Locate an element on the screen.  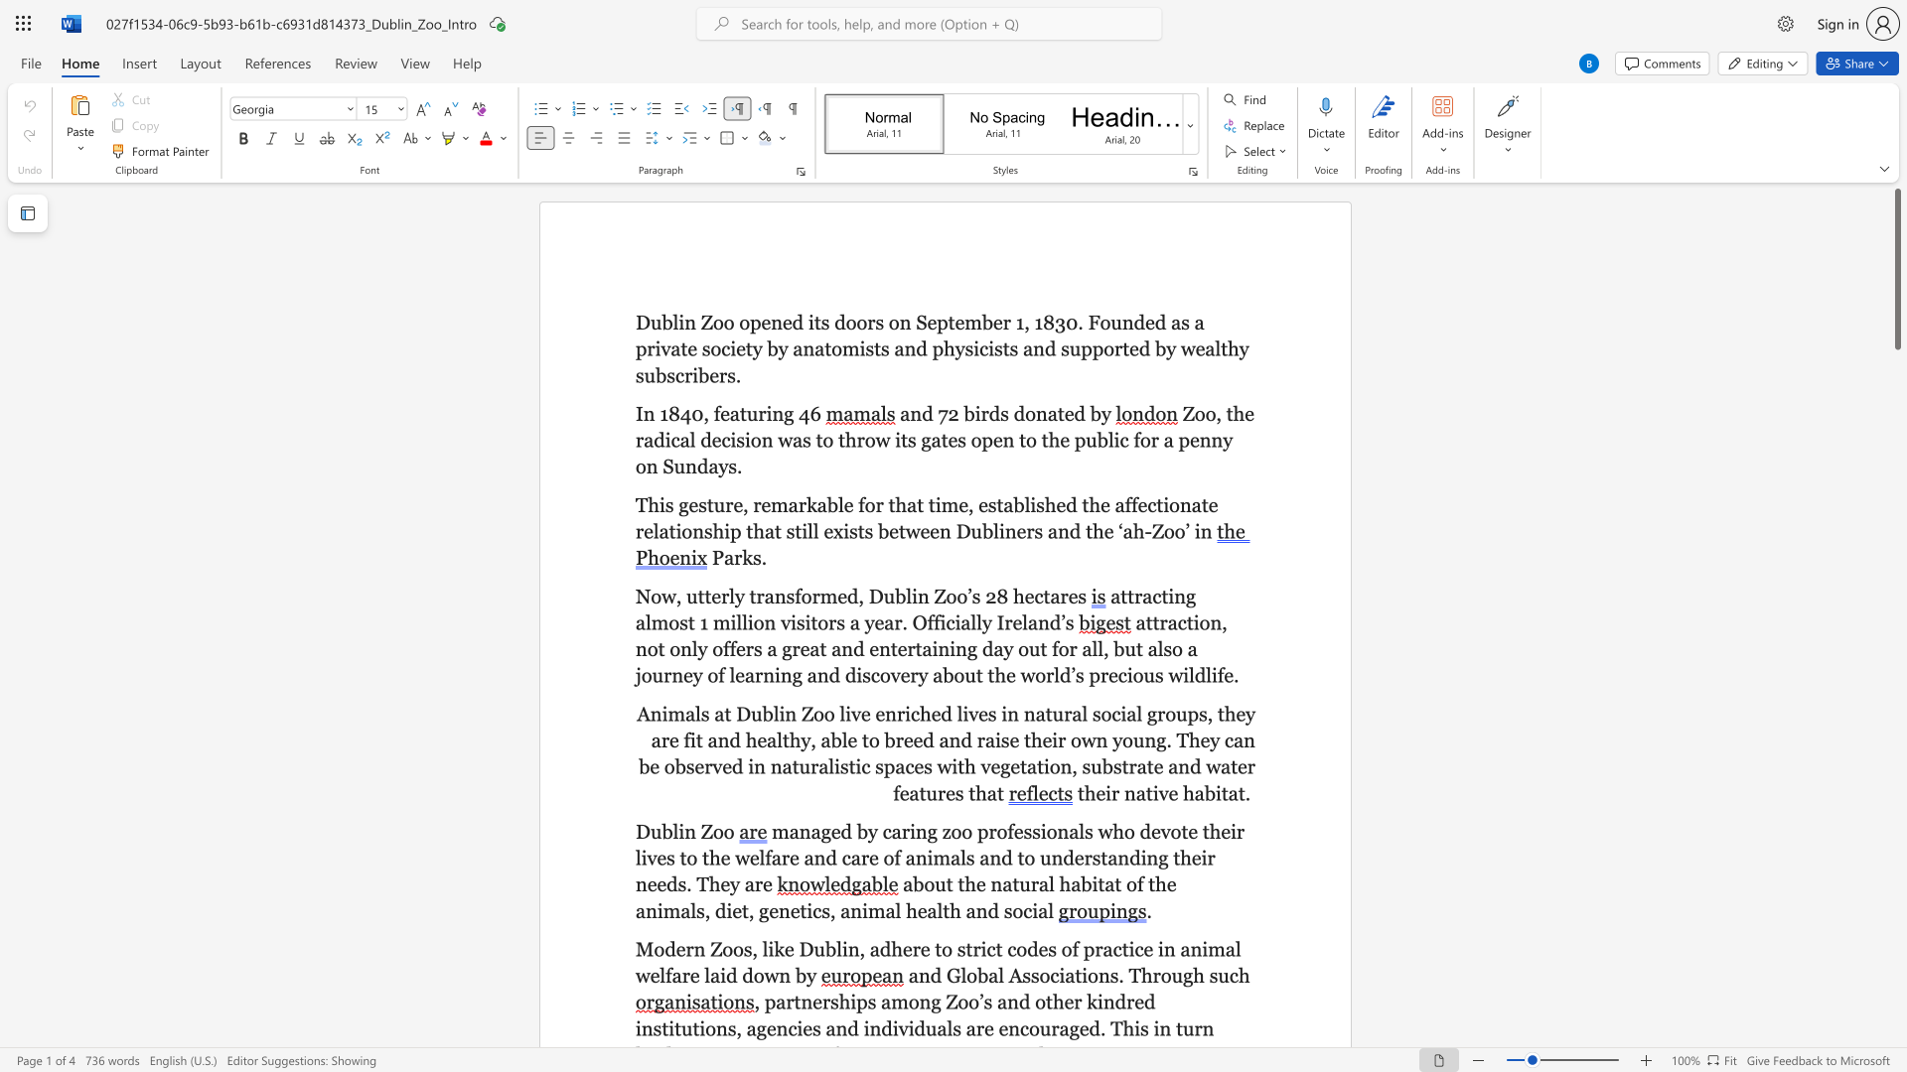
the 1th character "e" in the text is located at coordinates (715, 595).